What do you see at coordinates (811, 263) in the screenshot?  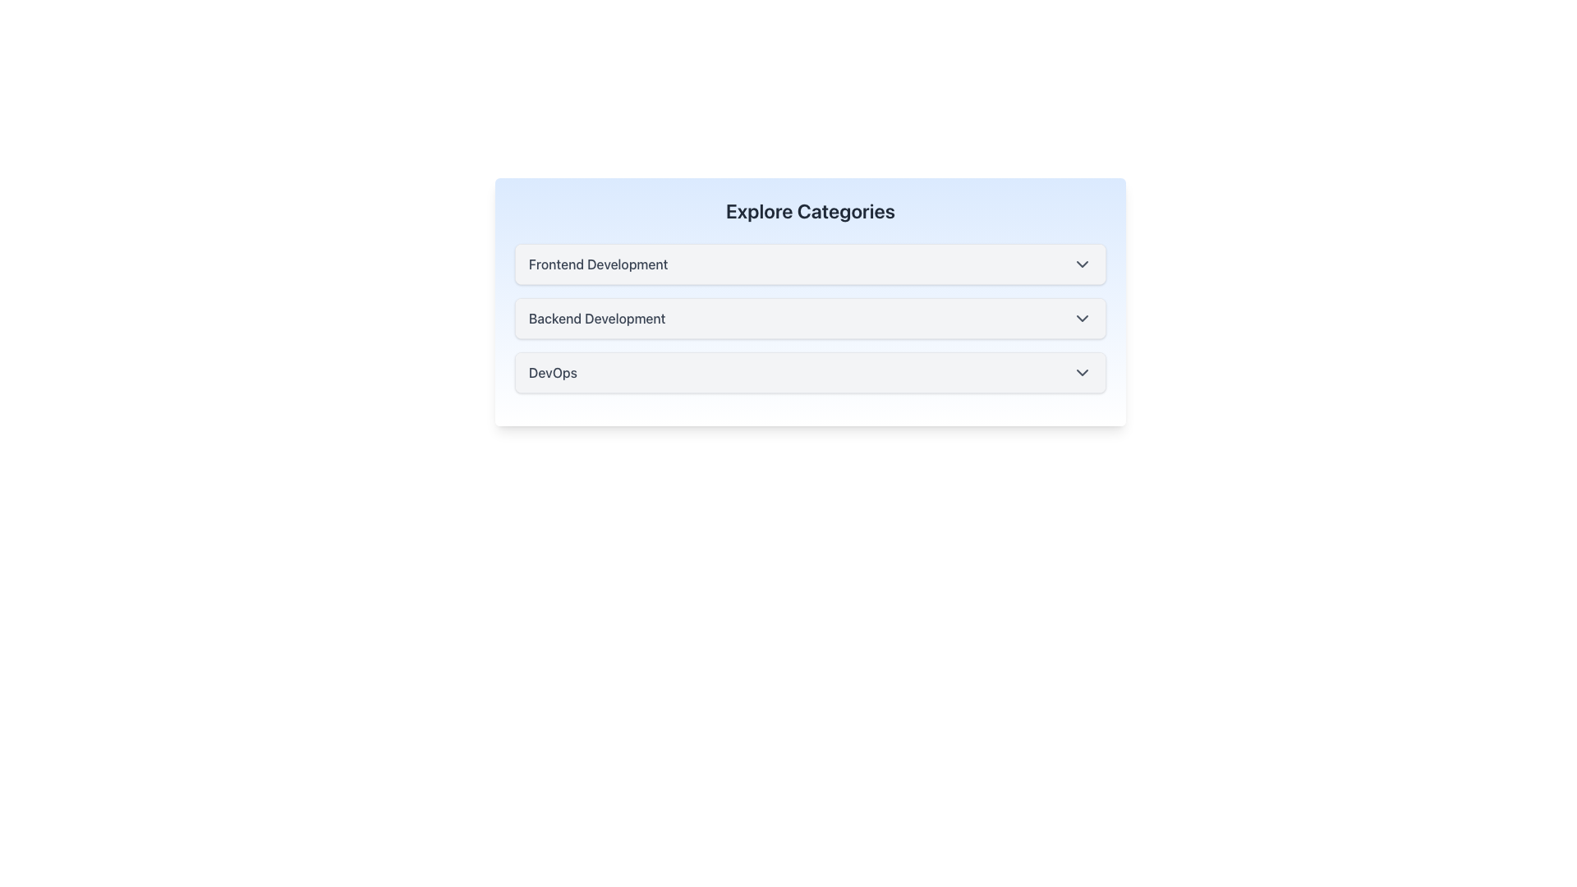 I see `the 'Frontend Development' button, which is the first item in a vertically aligned list of categories` at bounding box center [811, 263].